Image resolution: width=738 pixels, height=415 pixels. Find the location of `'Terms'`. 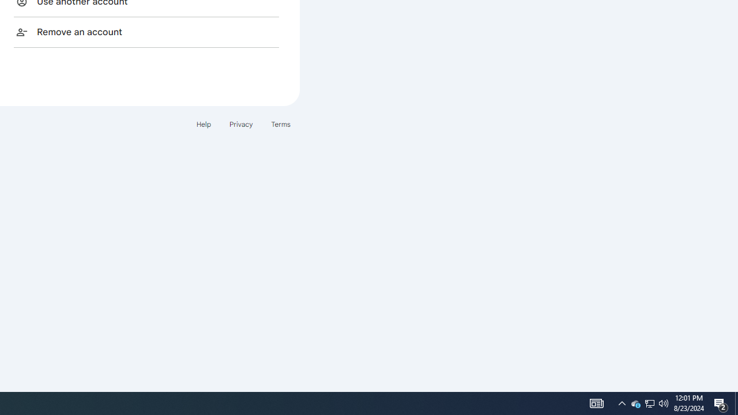

'Terms' is located at coordinates (281, 124).